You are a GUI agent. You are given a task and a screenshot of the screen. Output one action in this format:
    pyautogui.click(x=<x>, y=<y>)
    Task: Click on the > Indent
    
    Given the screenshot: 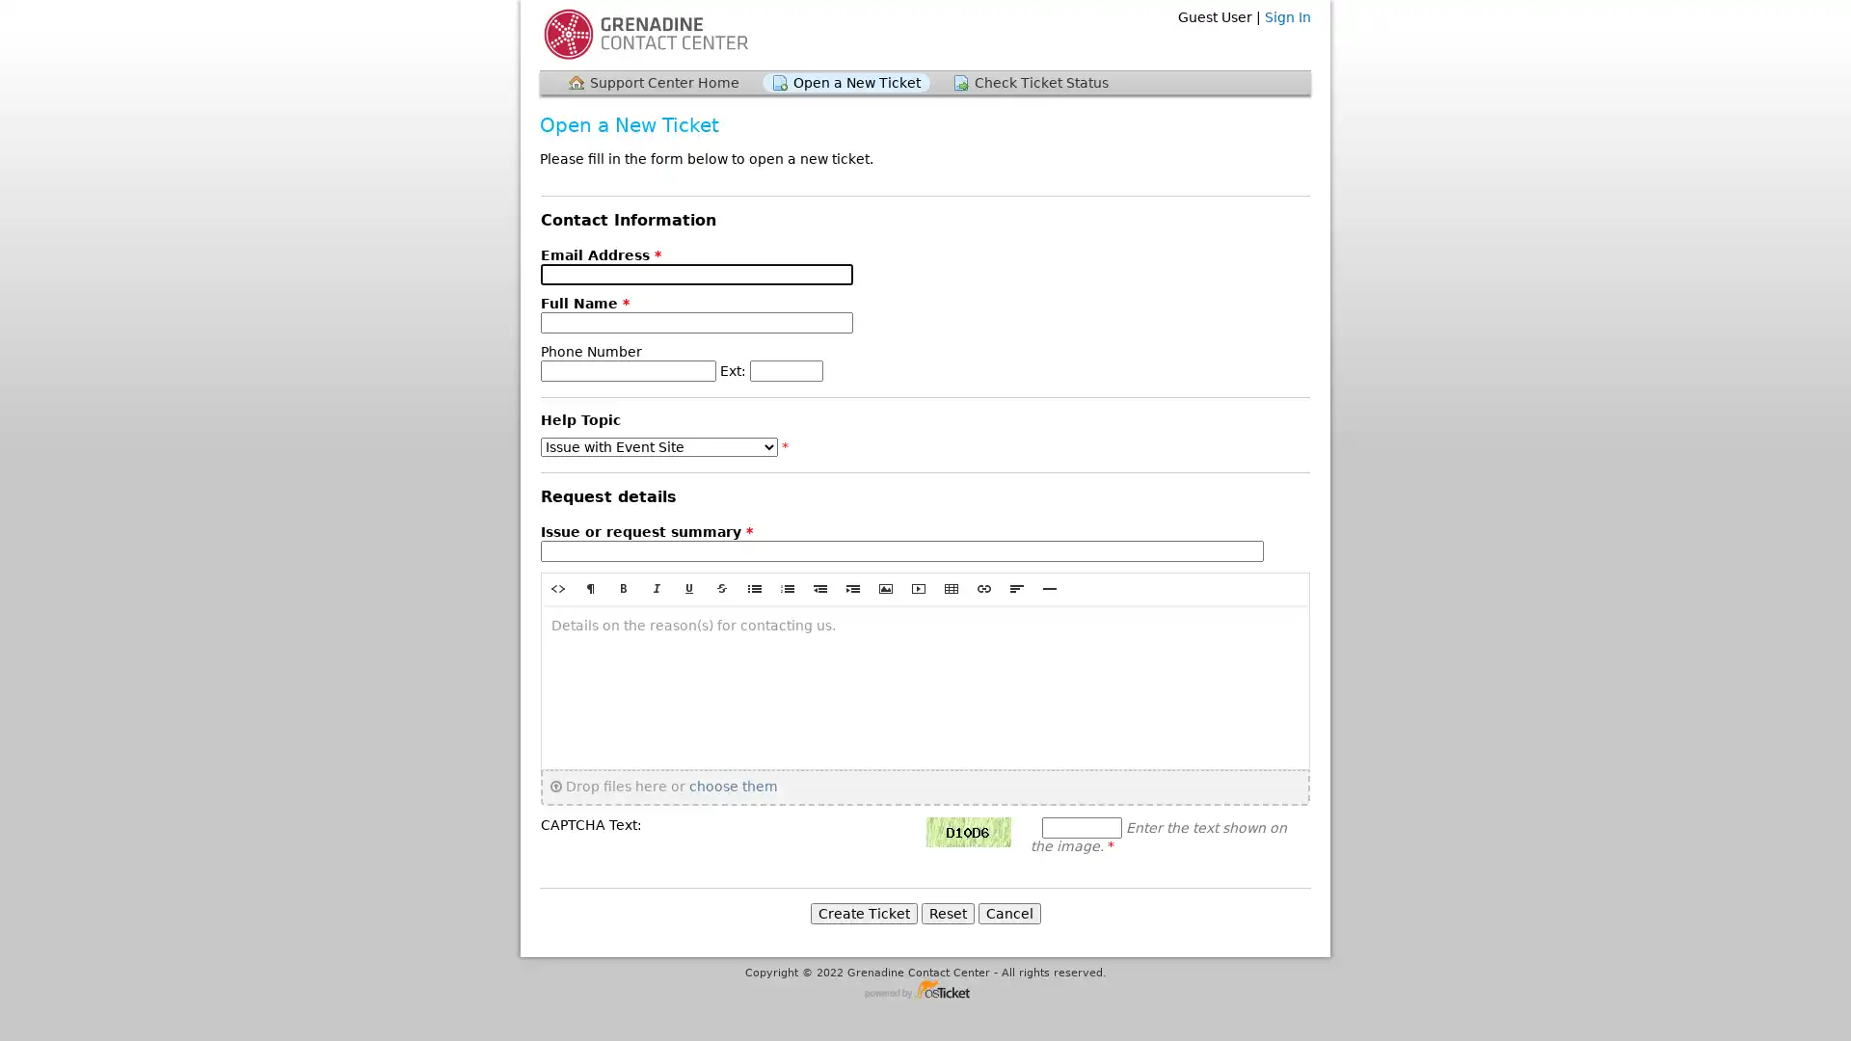 What is the action you would take?
    pyautogui.click(x=851, y=587)
    